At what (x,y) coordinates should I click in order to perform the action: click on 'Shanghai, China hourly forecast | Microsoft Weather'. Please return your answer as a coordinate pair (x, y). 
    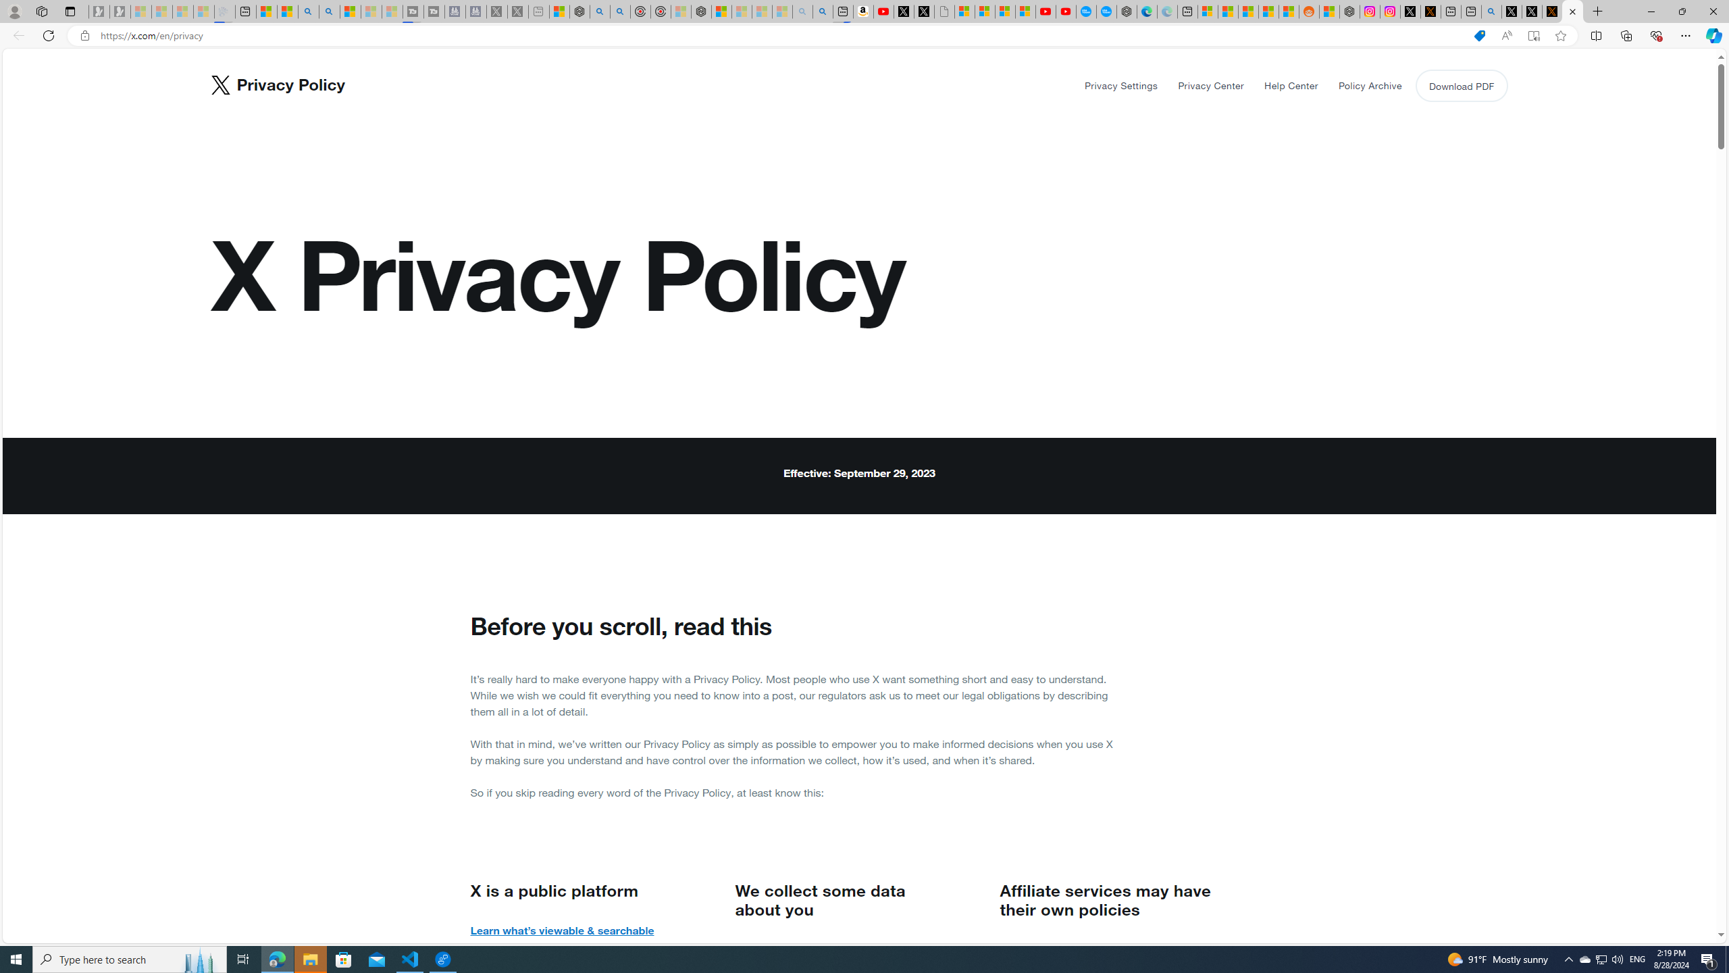
    Looking at the image, I should click on (1247, 11).